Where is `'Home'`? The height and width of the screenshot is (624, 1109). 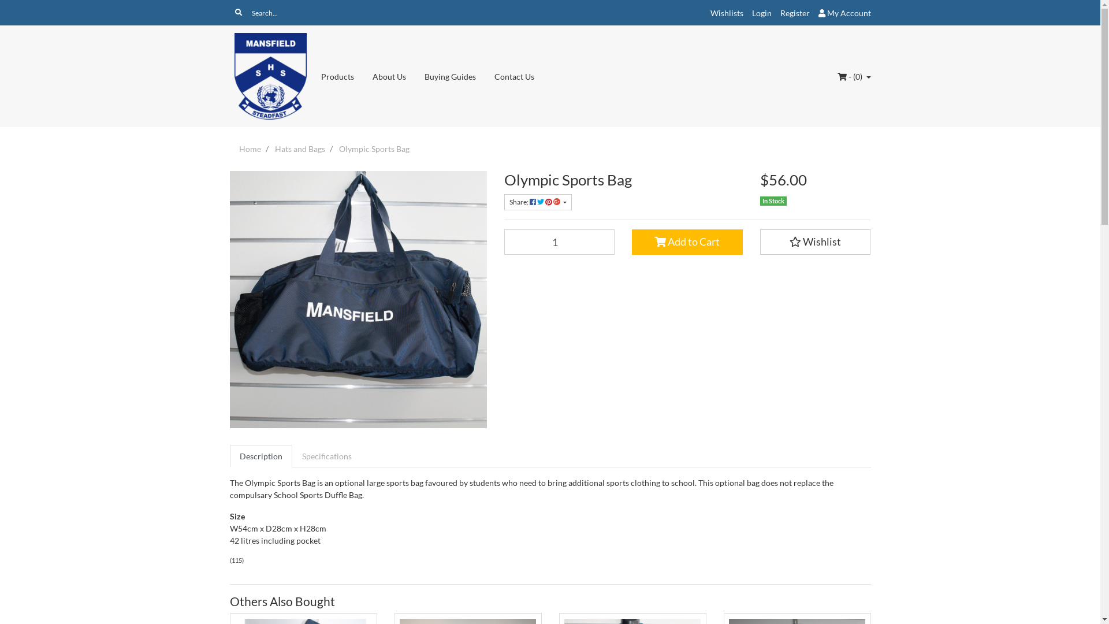 'Home' is located at coordinates (249, 148).